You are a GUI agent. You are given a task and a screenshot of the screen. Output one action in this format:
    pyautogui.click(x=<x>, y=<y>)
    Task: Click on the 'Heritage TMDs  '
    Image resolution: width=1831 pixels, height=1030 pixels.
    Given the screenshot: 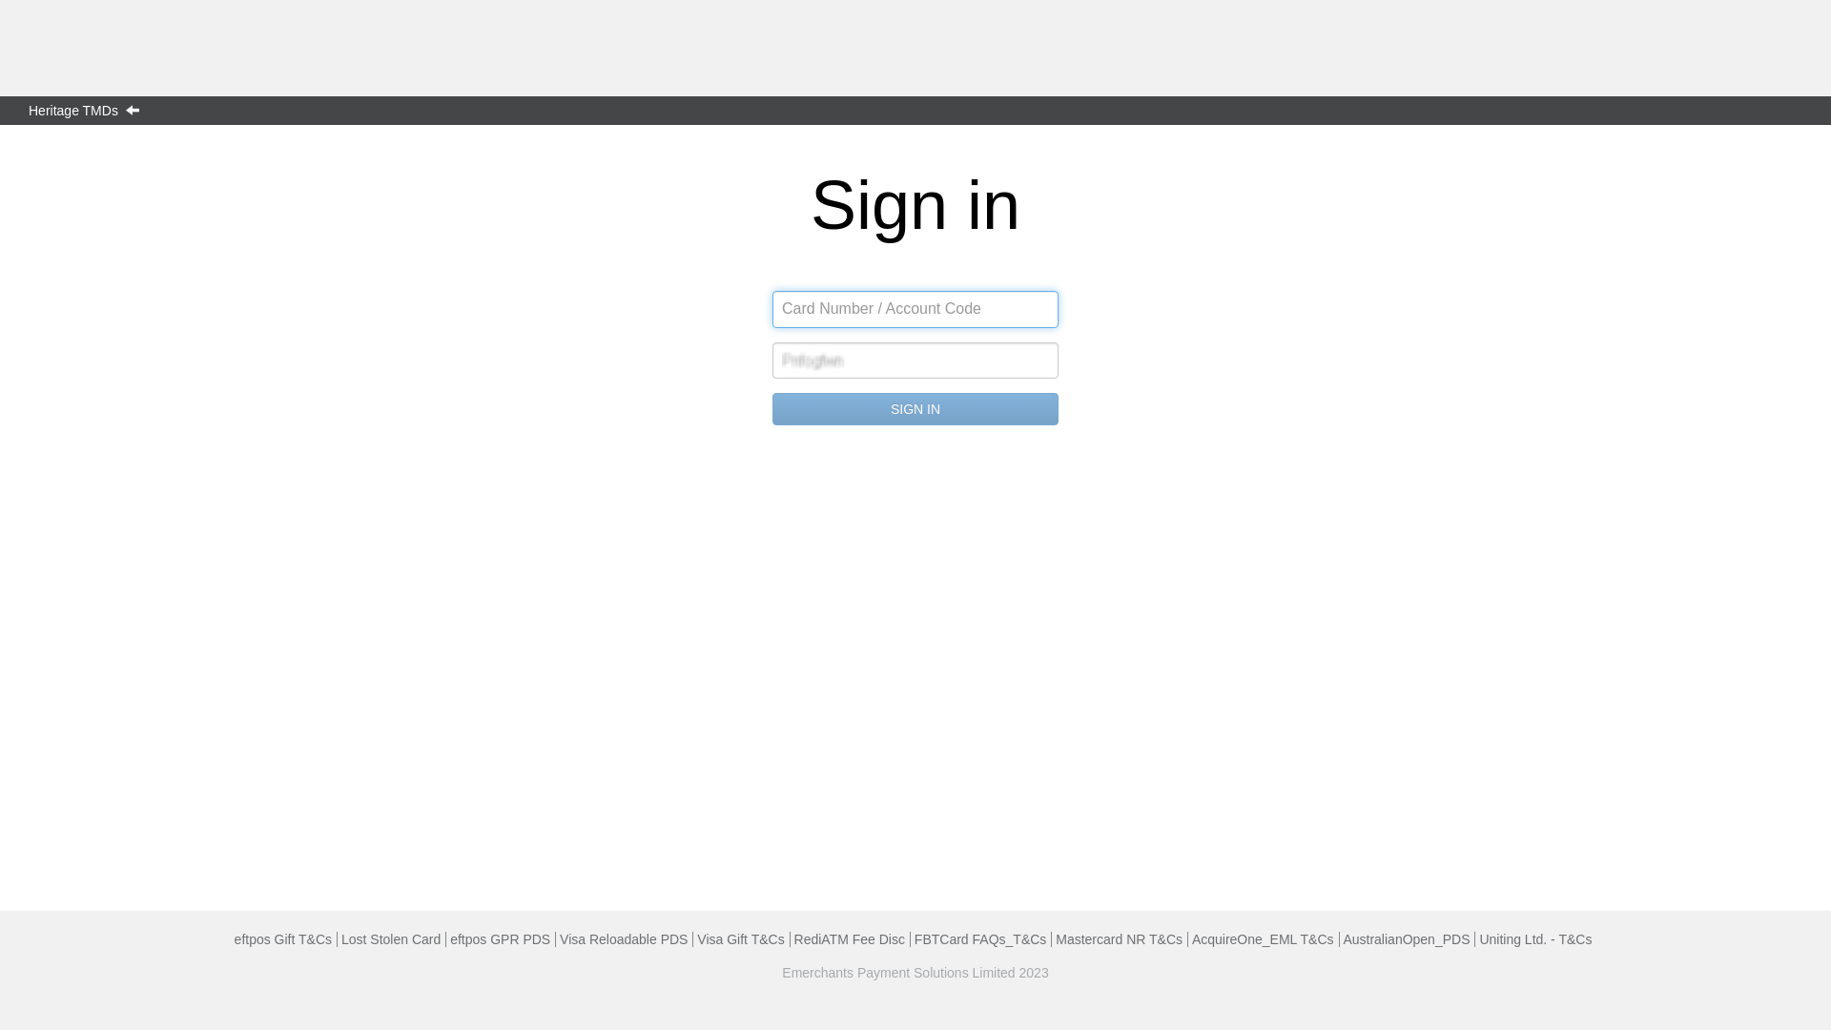 What is the action you would take?
    pyautogui.click(x=87, y=110)
    